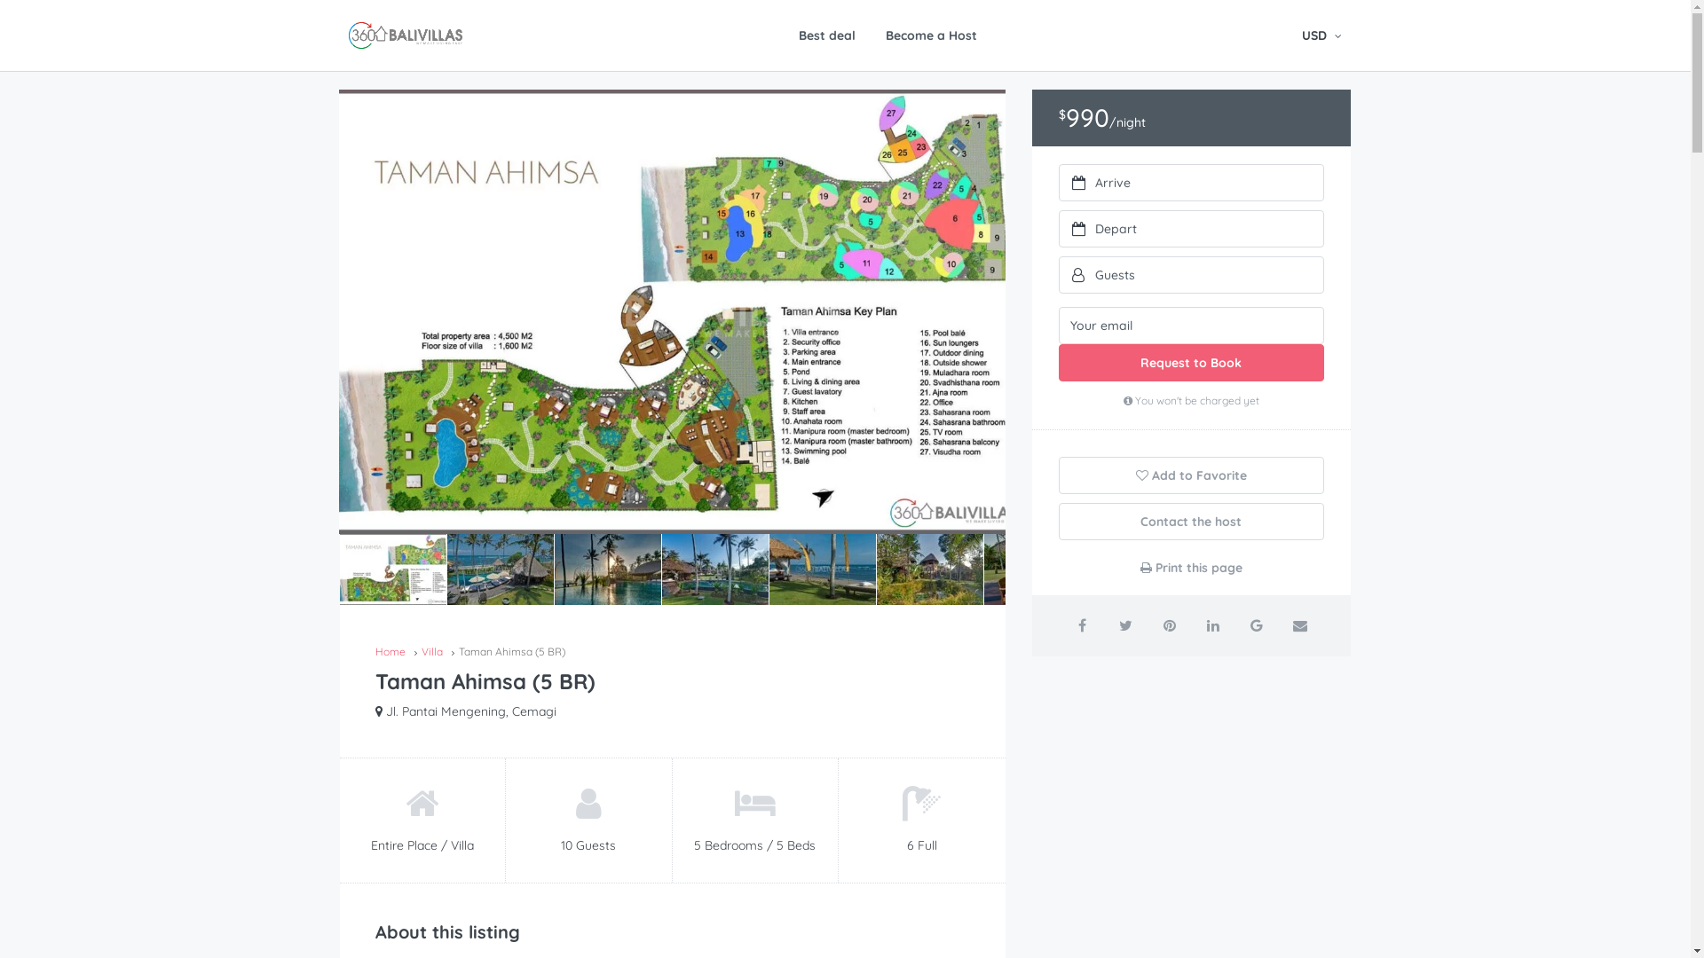  What do you see at coordinates (1191, 361) in the screenshot?
I see `'Request to Book'` at bounding box center [1191, 361].